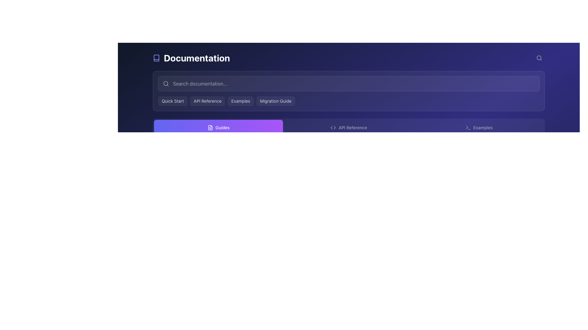 This screenshot has width=588, height=330. What do you see at coordinates (166, 83) in the screenshot?
I see `the circular magnifying glass search icon, which is located inside the search bar on the left side, aligning vertically with the input field text` at bounding box center [166, 83].